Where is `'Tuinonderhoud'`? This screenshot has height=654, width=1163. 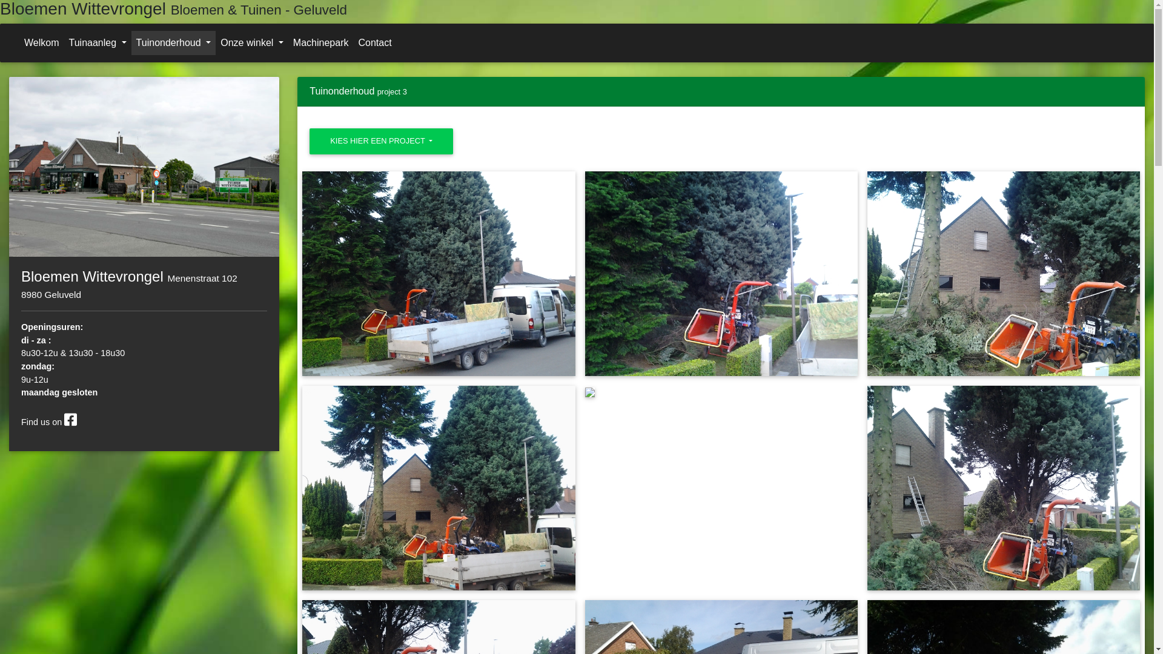
'Tuinonderhoud' is located at coordinates (173, 42).